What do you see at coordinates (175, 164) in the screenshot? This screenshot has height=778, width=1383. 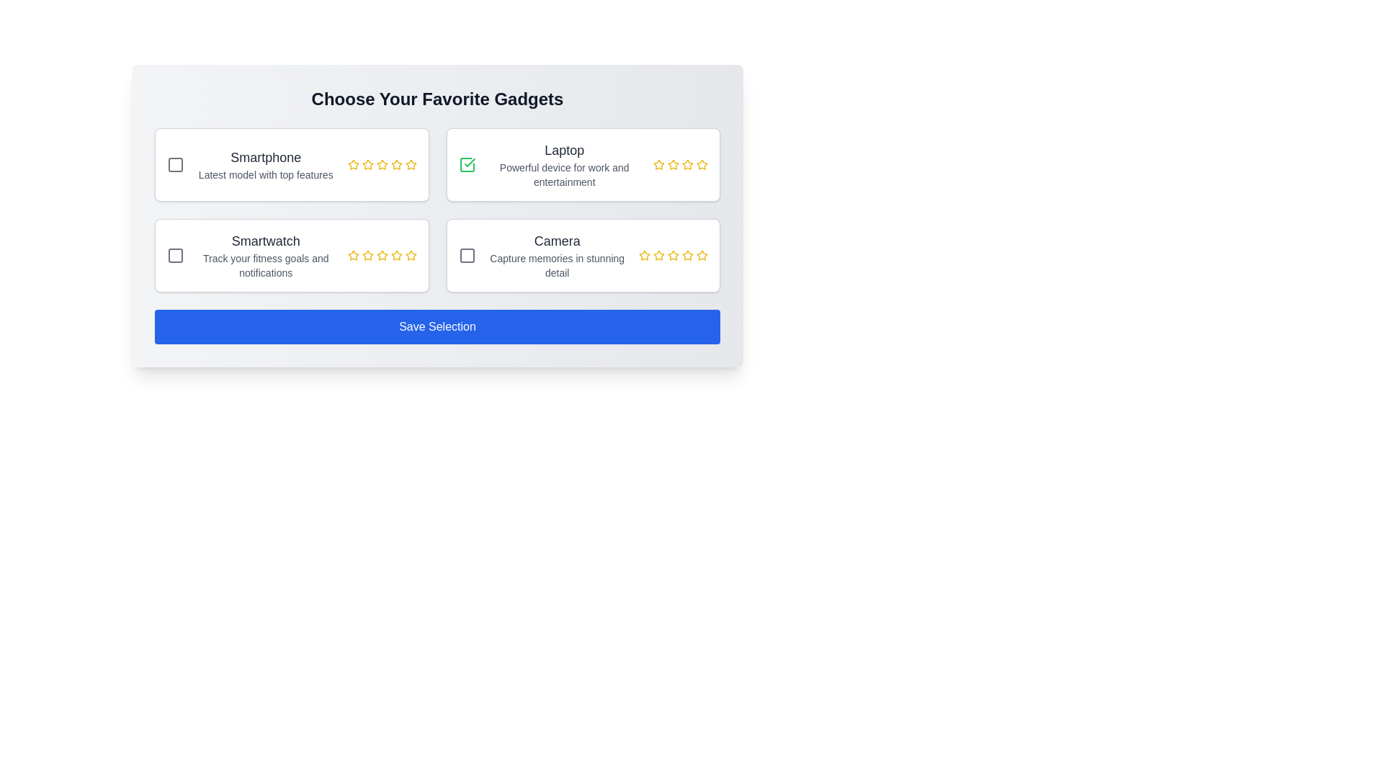 I see `the checkbox located on the left side of the 'Smartphone' section` at bounding box center [175, 164].